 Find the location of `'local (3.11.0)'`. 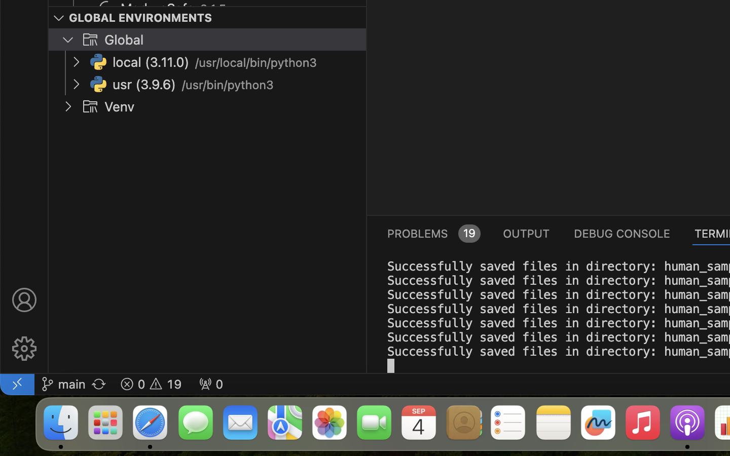

'local (3.11.0)' is located at coordinates (150, 62).